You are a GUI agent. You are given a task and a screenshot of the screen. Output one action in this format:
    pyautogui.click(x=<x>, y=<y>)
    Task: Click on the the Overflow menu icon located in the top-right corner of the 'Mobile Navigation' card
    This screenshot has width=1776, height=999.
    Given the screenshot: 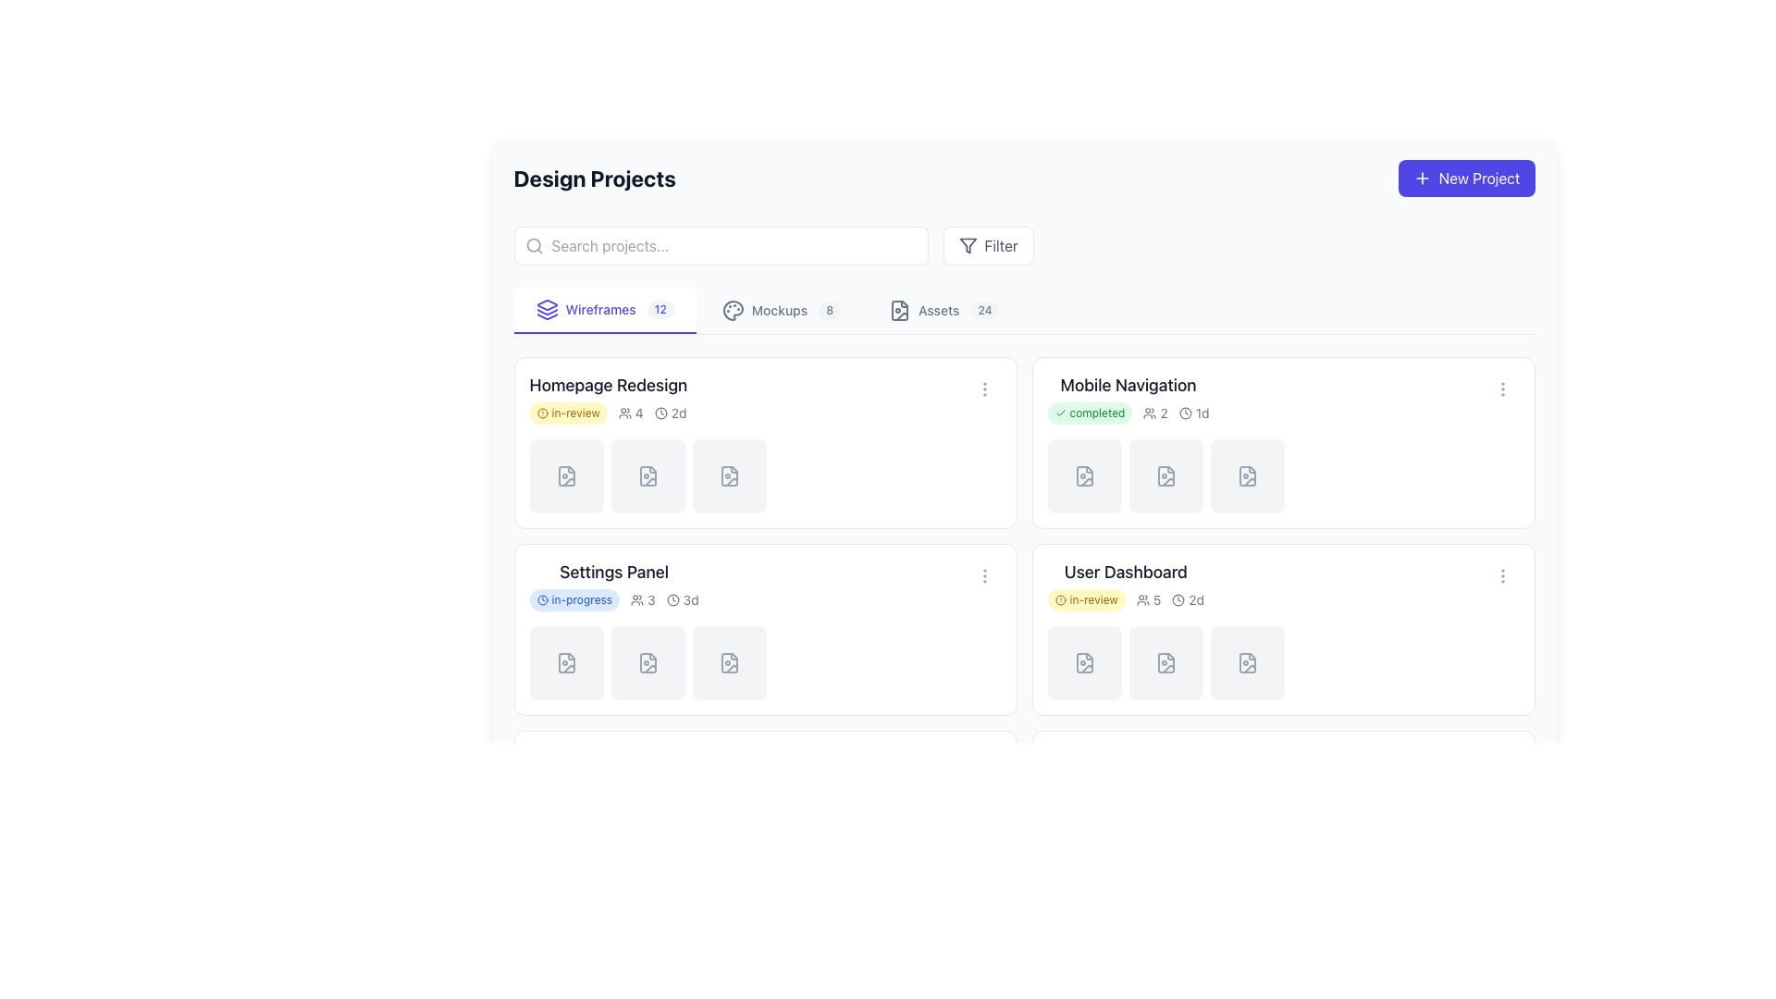 What is the action you would take?
    pyautogui.click(x=1502, y=388)
    